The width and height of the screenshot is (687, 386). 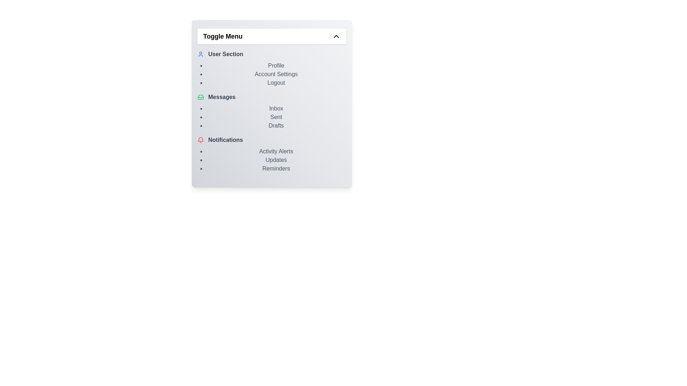 What do you see at coordinates (271, 36) in the screenshot?
I see `the element labeled 'Toggle Menu' to observe its hover effect` at bounding box center [271, 36].